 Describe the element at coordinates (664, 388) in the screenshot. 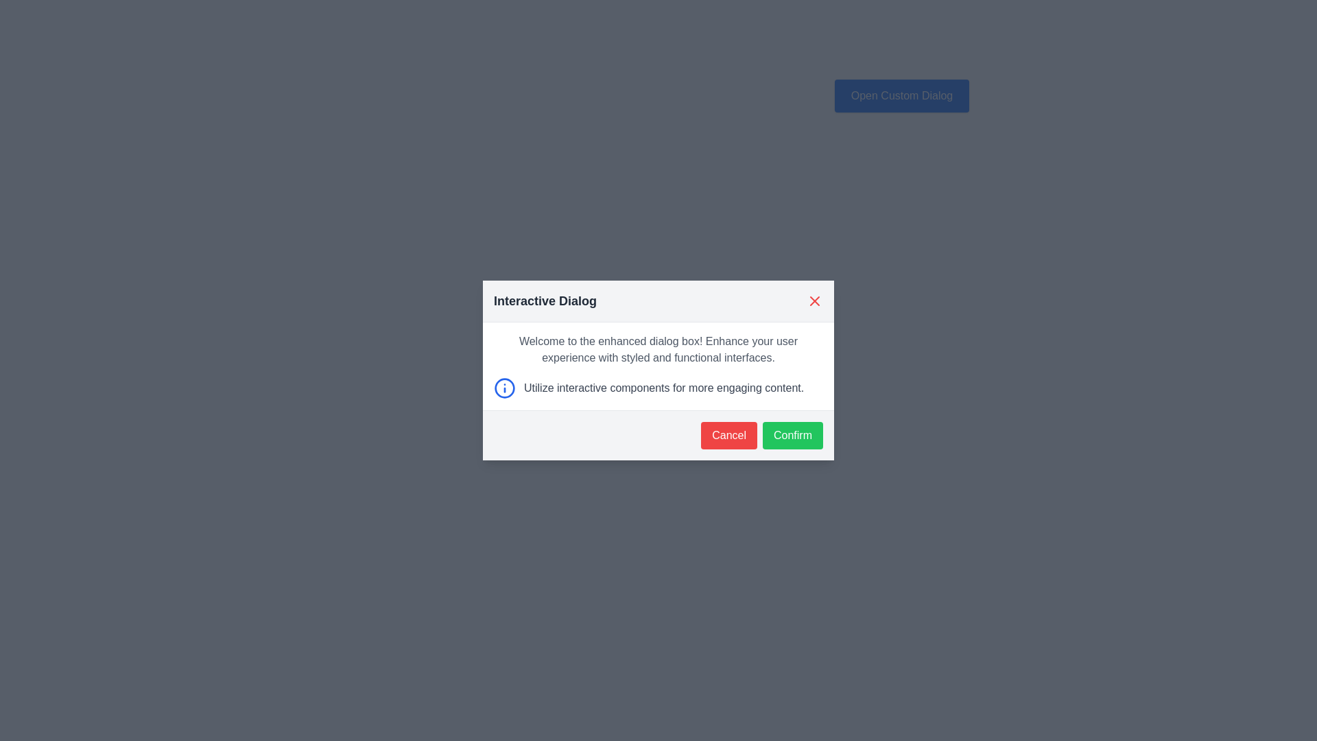

I see `the informative message text that is positioned to the right of the information icon inside the dialog box, horizontally centered within the dialog and approximately in the middle of its vertical space` at that location.